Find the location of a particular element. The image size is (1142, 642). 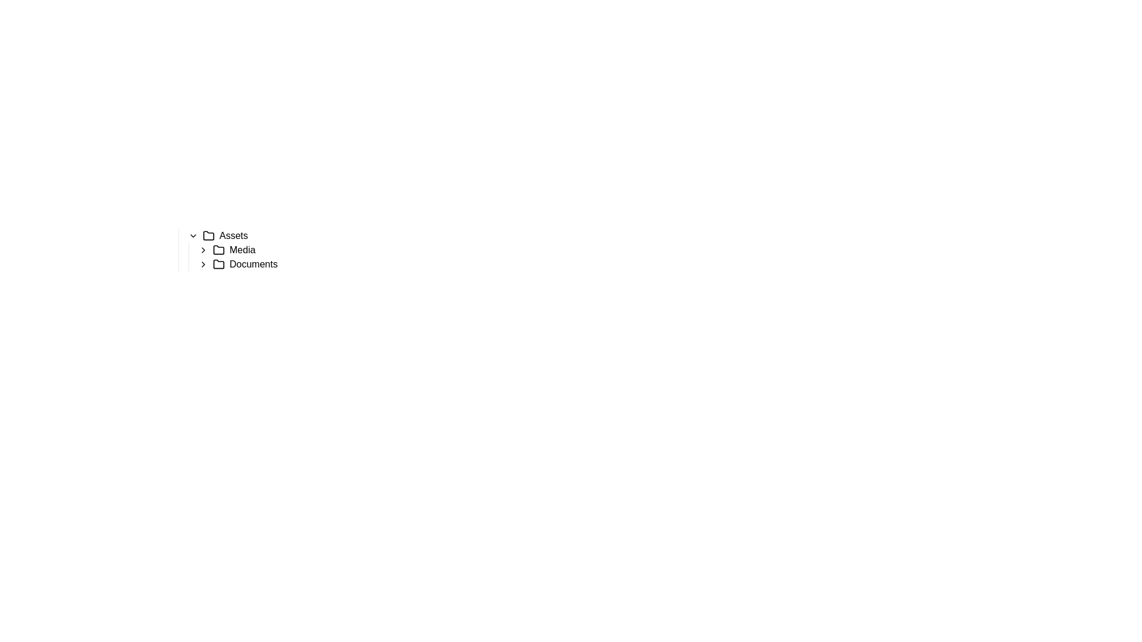

the folder icon that visually represents a grouping or storing function, positioned to the right of the chevron icon and to the left of the 'Assets' label is located at coordinates (208, 236).